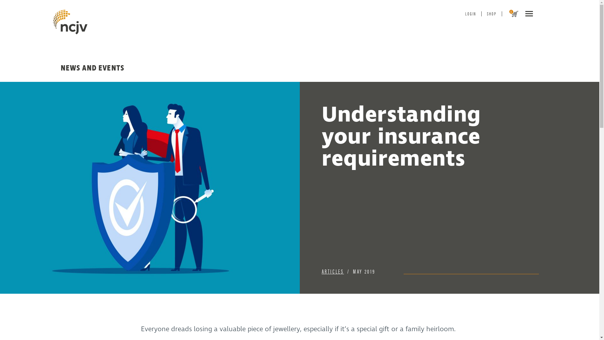  What do you see at coordinates (460, 13) in the screenshot?
I see `'LOGIN'` at bounding box center [460, 13].